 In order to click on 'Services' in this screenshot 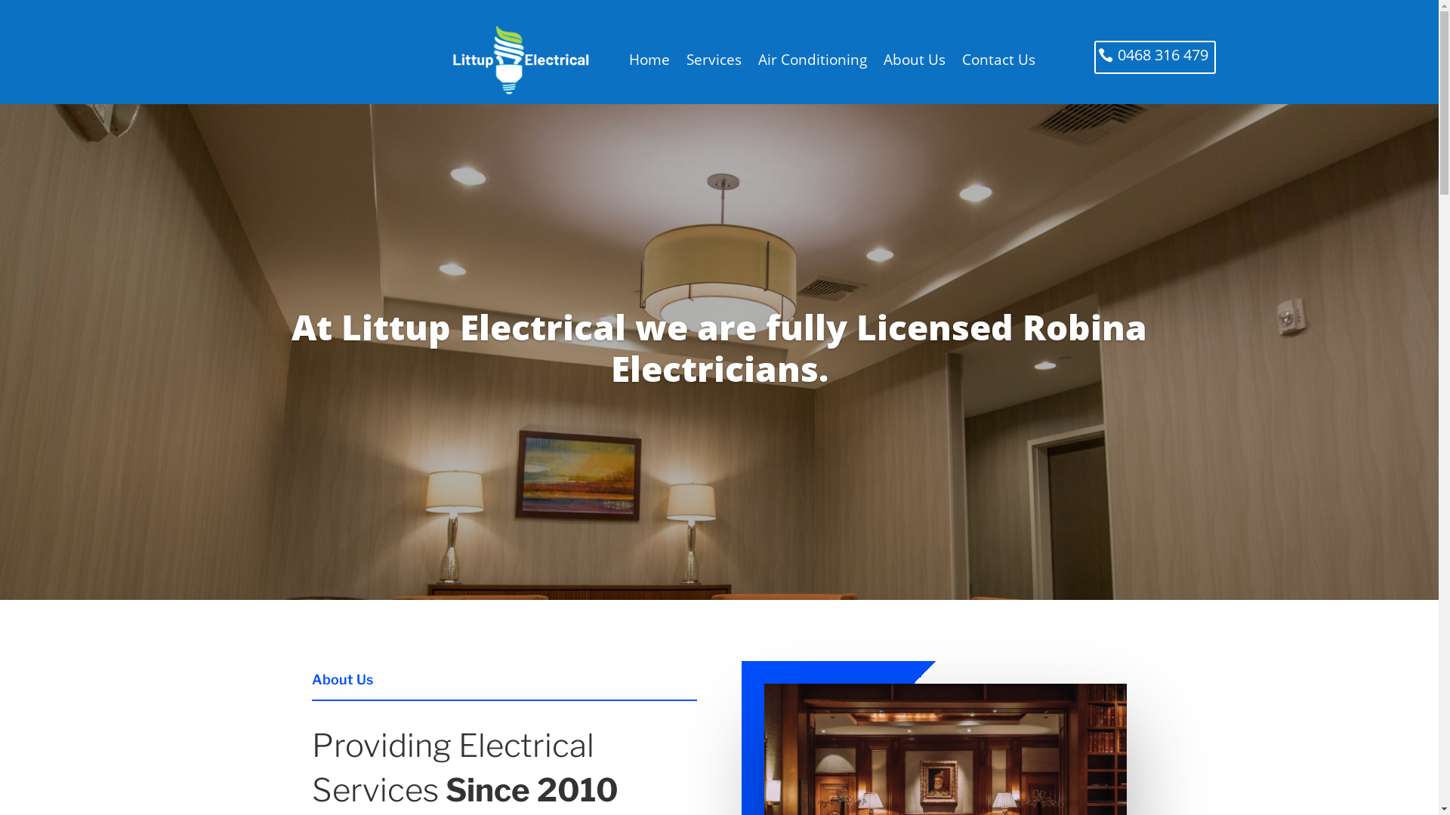, I will do `click(685, 59)`.